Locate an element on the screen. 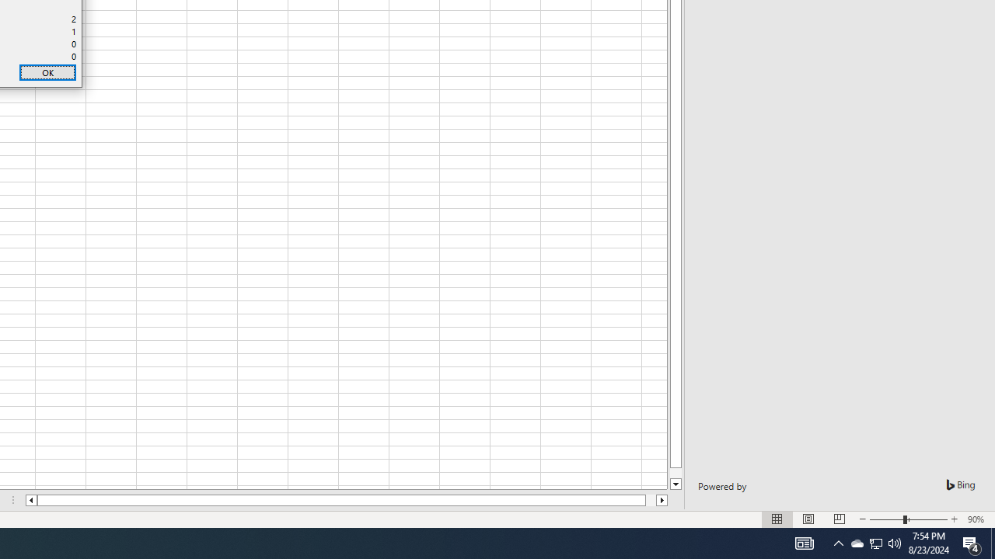 The width and height of the screenshot is (995, 559). 'Normal' is located at coordinates (808, 519).